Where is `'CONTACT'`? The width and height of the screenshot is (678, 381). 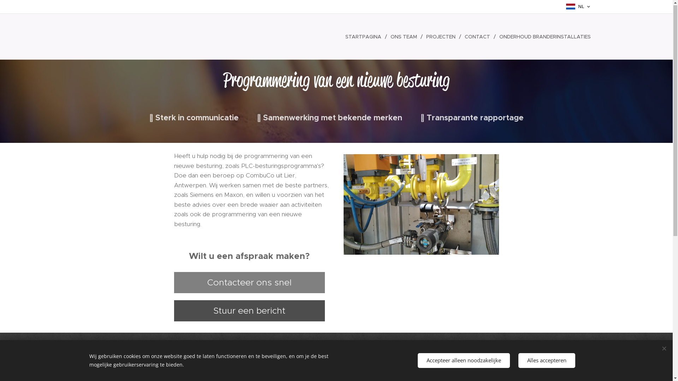
'CONTACT' is located at coordinates (478, 37).